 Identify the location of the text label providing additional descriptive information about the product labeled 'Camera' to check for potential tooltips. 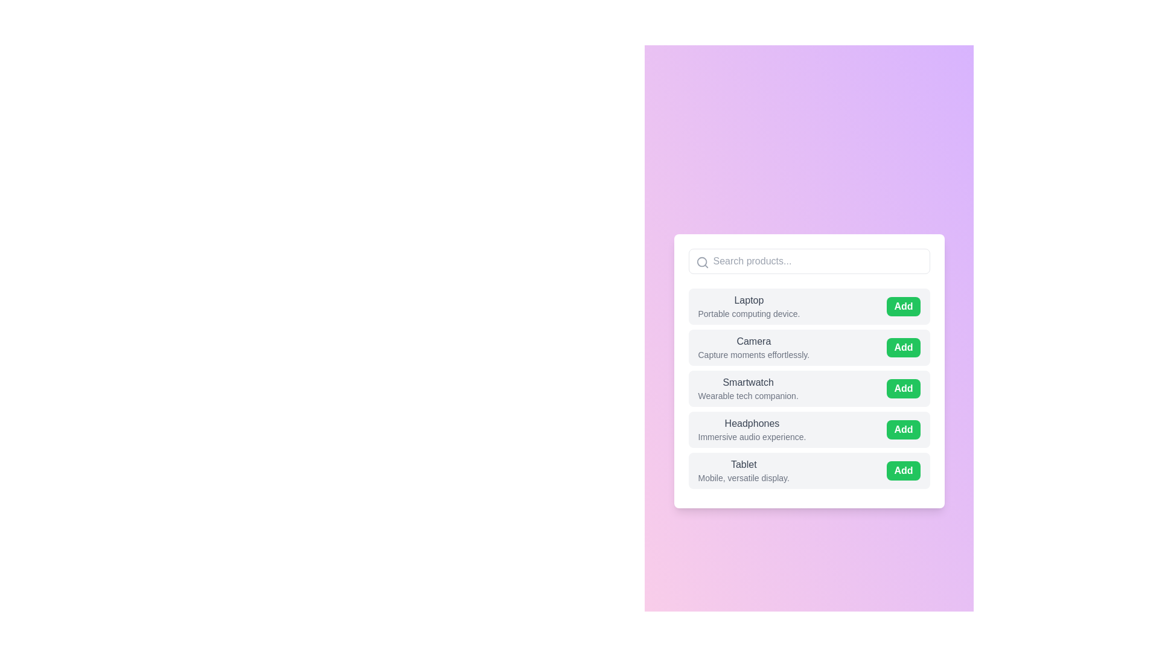
(753, 354).